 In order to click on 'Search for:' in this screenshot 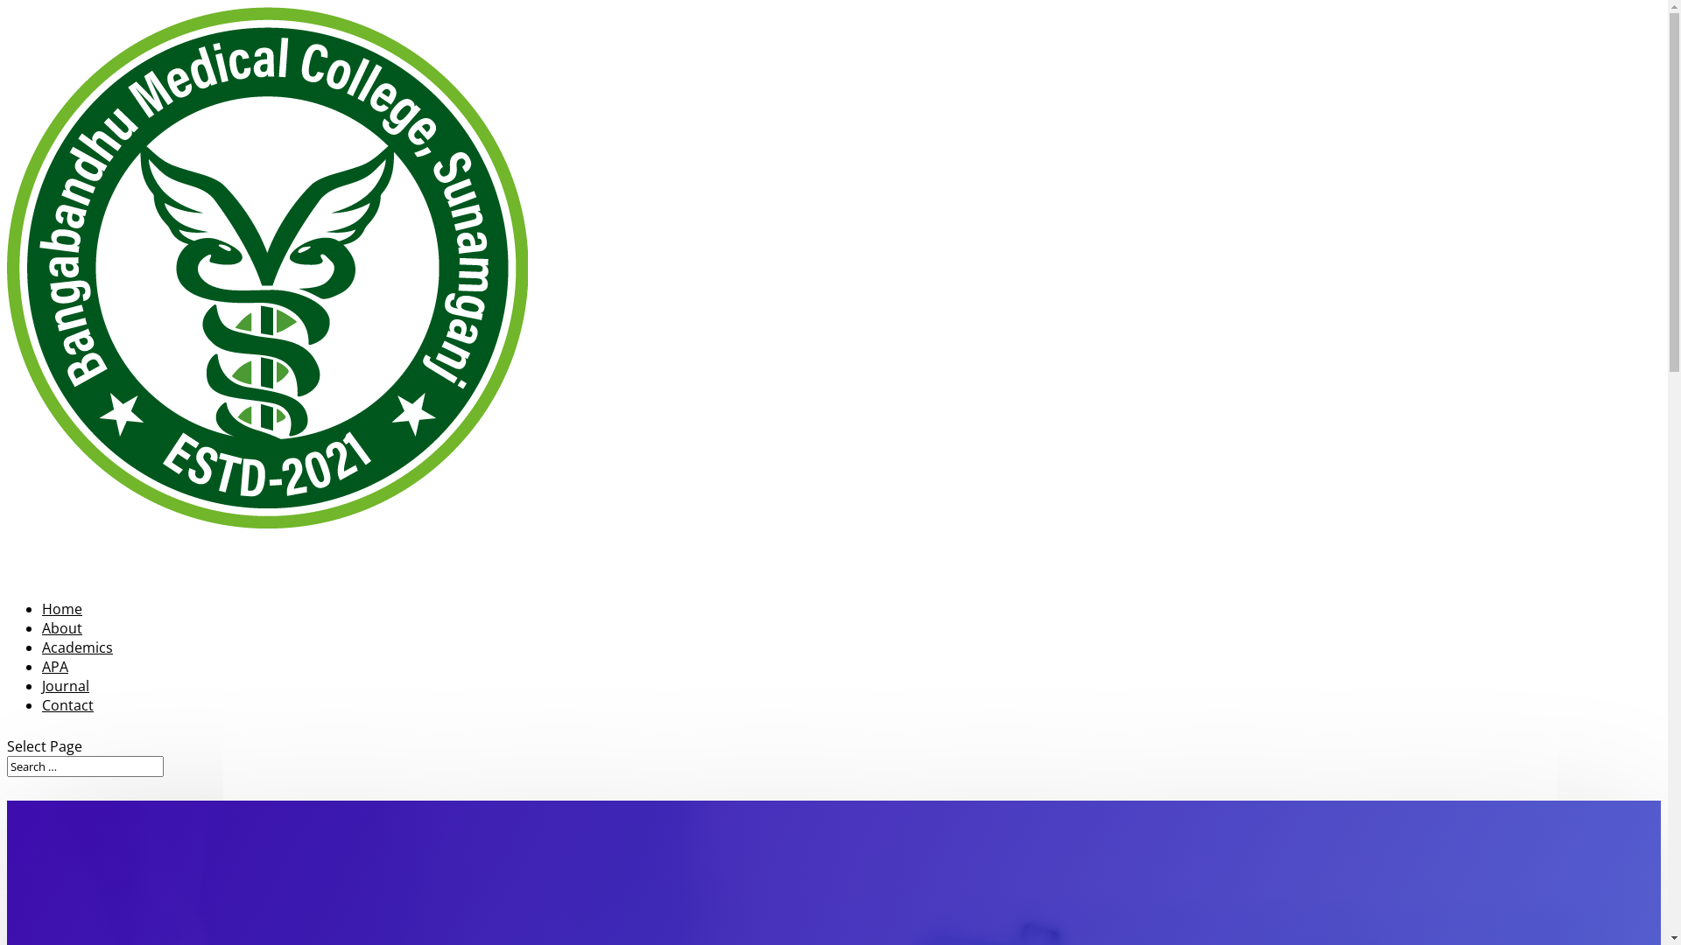, I will do `click(84, 765)`.